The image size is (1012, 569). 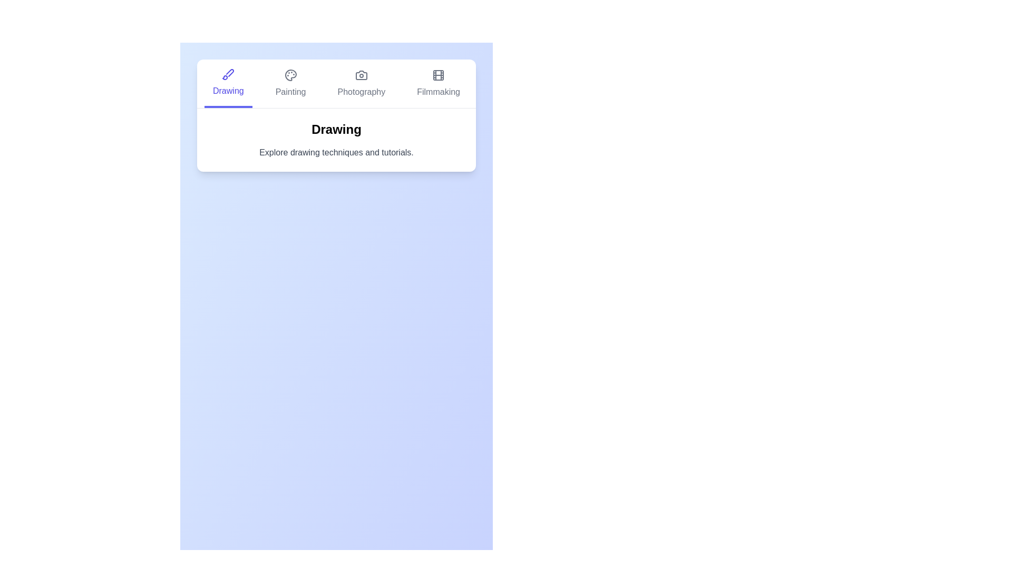 What do you see at coordinates (227, 83) in the screenshot?
I see `the tab labeled Drawing` at bounding box center [227, 83].